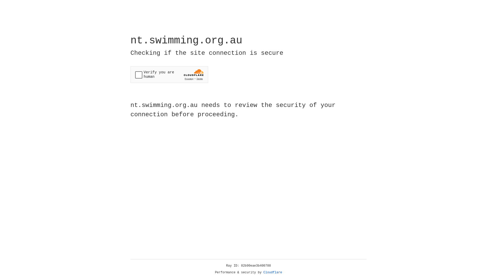 The height and width of the screenshot is (279, 497). What do you see at coordinates (169, 74) in the screenshot?
I see `'Widget containing a Cloudflare security challenge'` at bounding box center [169, 74].